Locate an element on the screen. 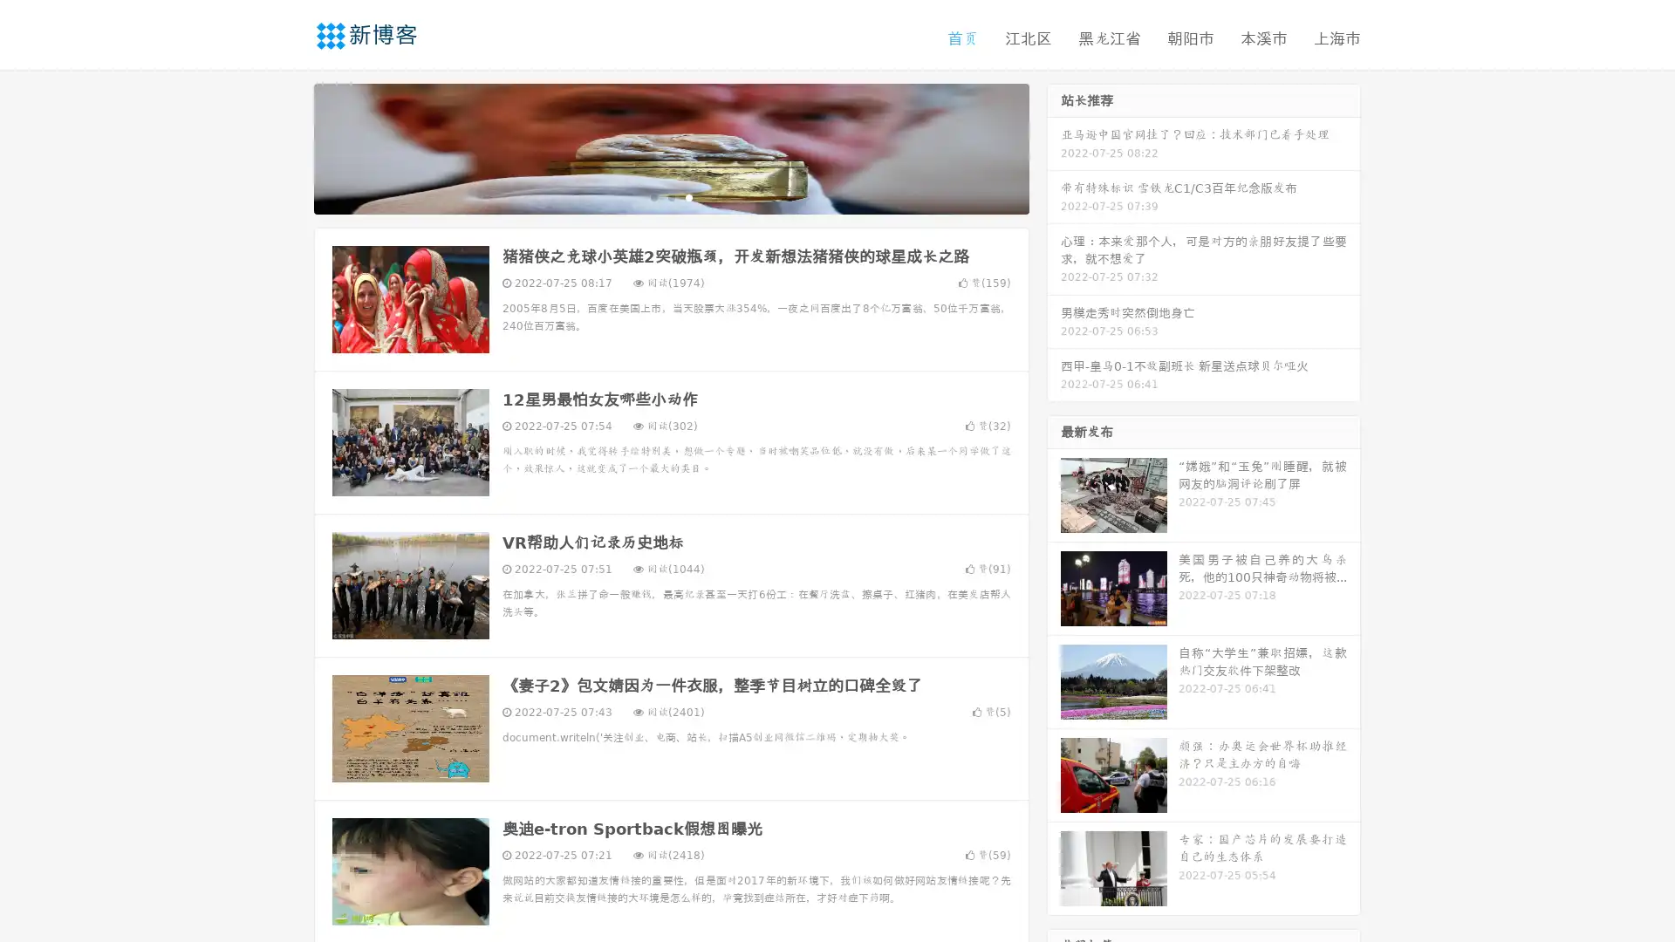  Next slide is located at coordinates (1054, 147).